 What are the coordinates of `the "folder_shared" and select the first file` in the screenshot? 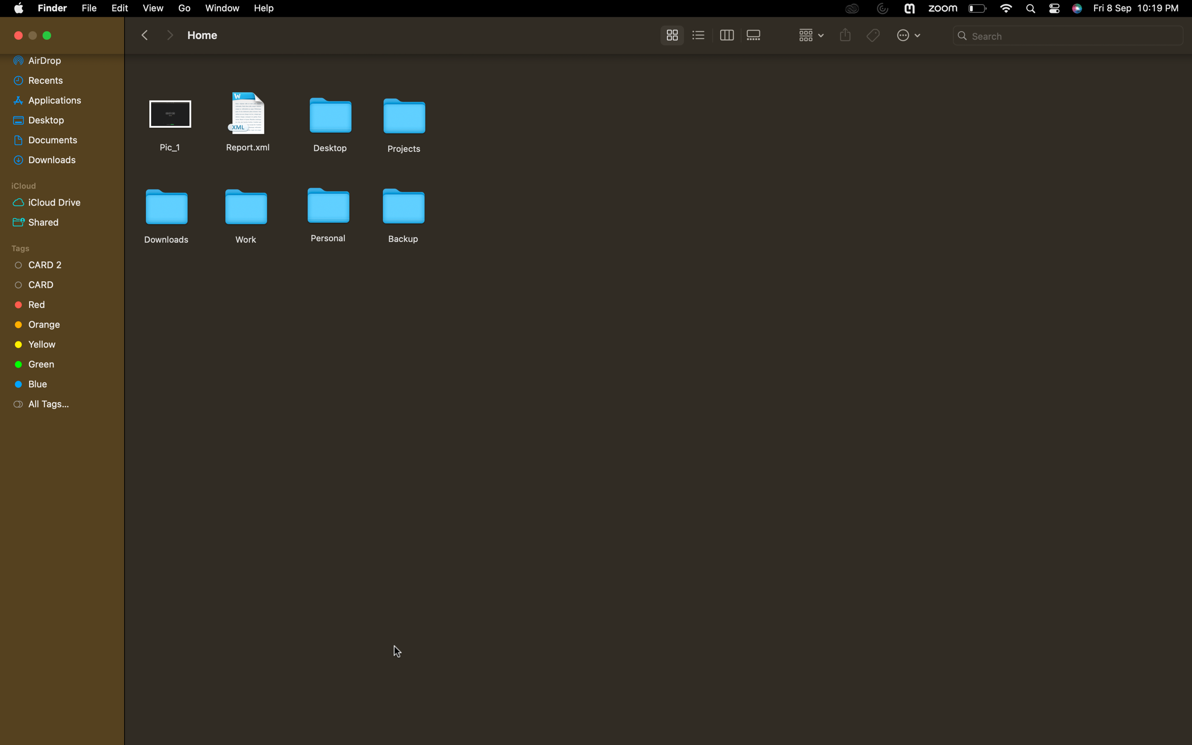 It's located at (58, 221).